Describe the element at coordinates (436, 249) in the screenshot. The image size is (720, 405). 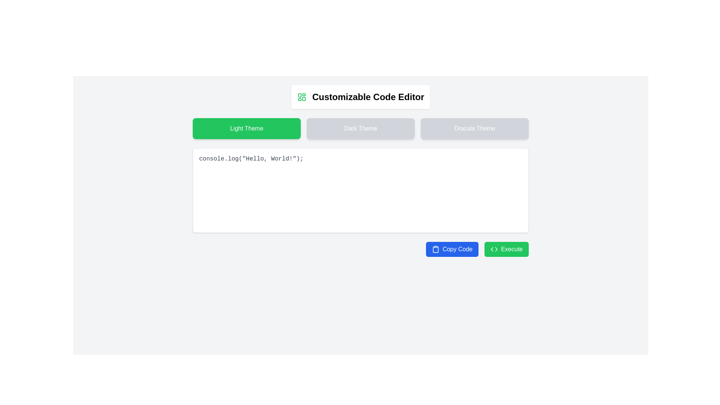
I see `the clipboard icon located to the left of the 'Copy Code' text within the 'Copy Code' button at the bottom center of the application interface` at that location.